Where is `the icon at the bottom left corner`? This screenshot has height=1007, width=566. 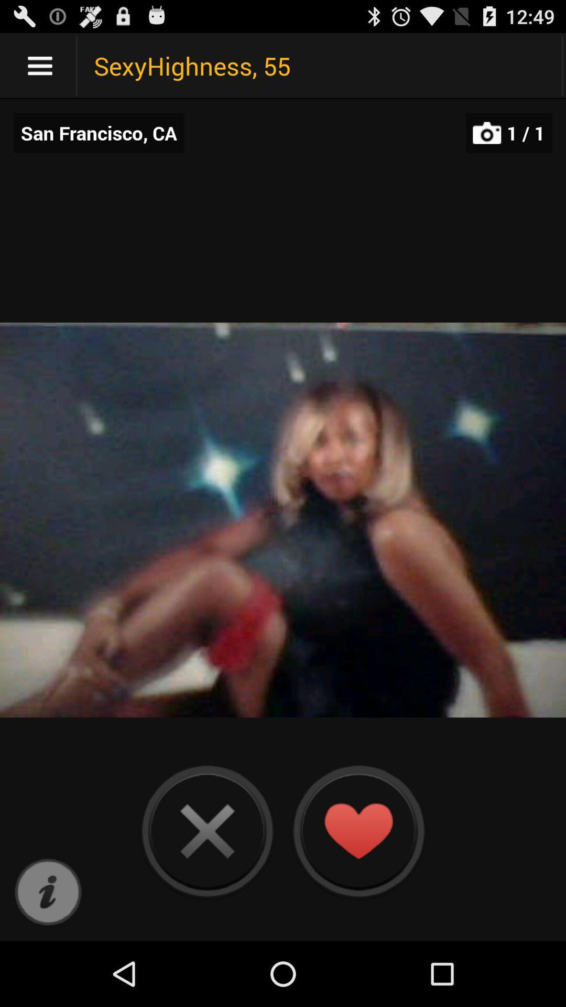 the icon at the bottom left corner is located at coordinates (48, 892).